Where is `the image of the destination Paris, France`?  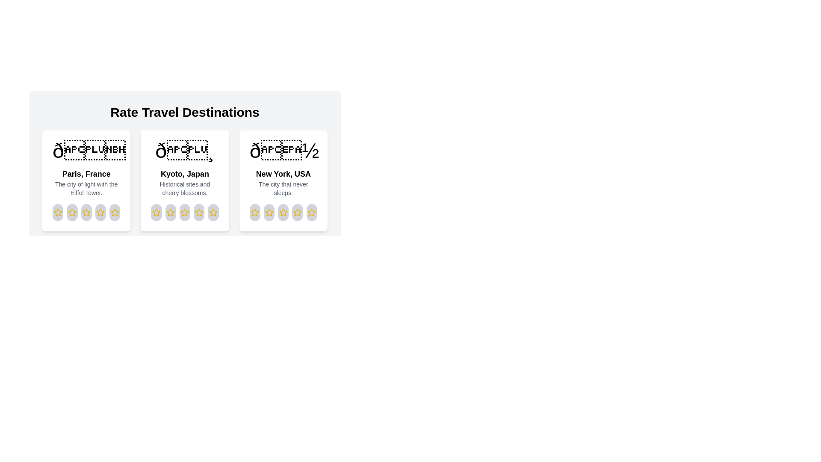
the image of the destination Paris, France is located at coordinates (86, 151).